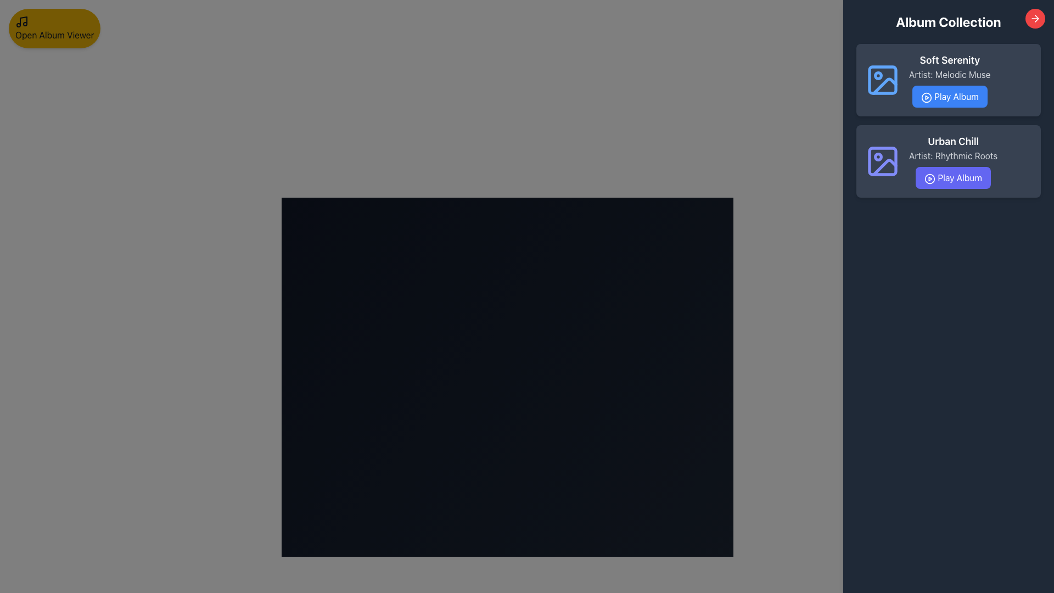 The width and height of the screenshot is (1054, 593). What do you see at coordinates (952, 161) in the screenshot?
I see `the 'Play Album' button of the album 'Urban Chill' by 'Rhythmic Roots'` at bounding box center [952, 161].